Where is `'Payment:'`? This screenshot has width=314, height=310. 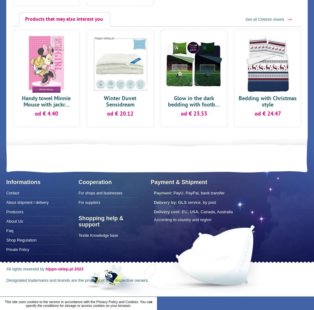 'Payment:' is located at coordinates (164, 193).